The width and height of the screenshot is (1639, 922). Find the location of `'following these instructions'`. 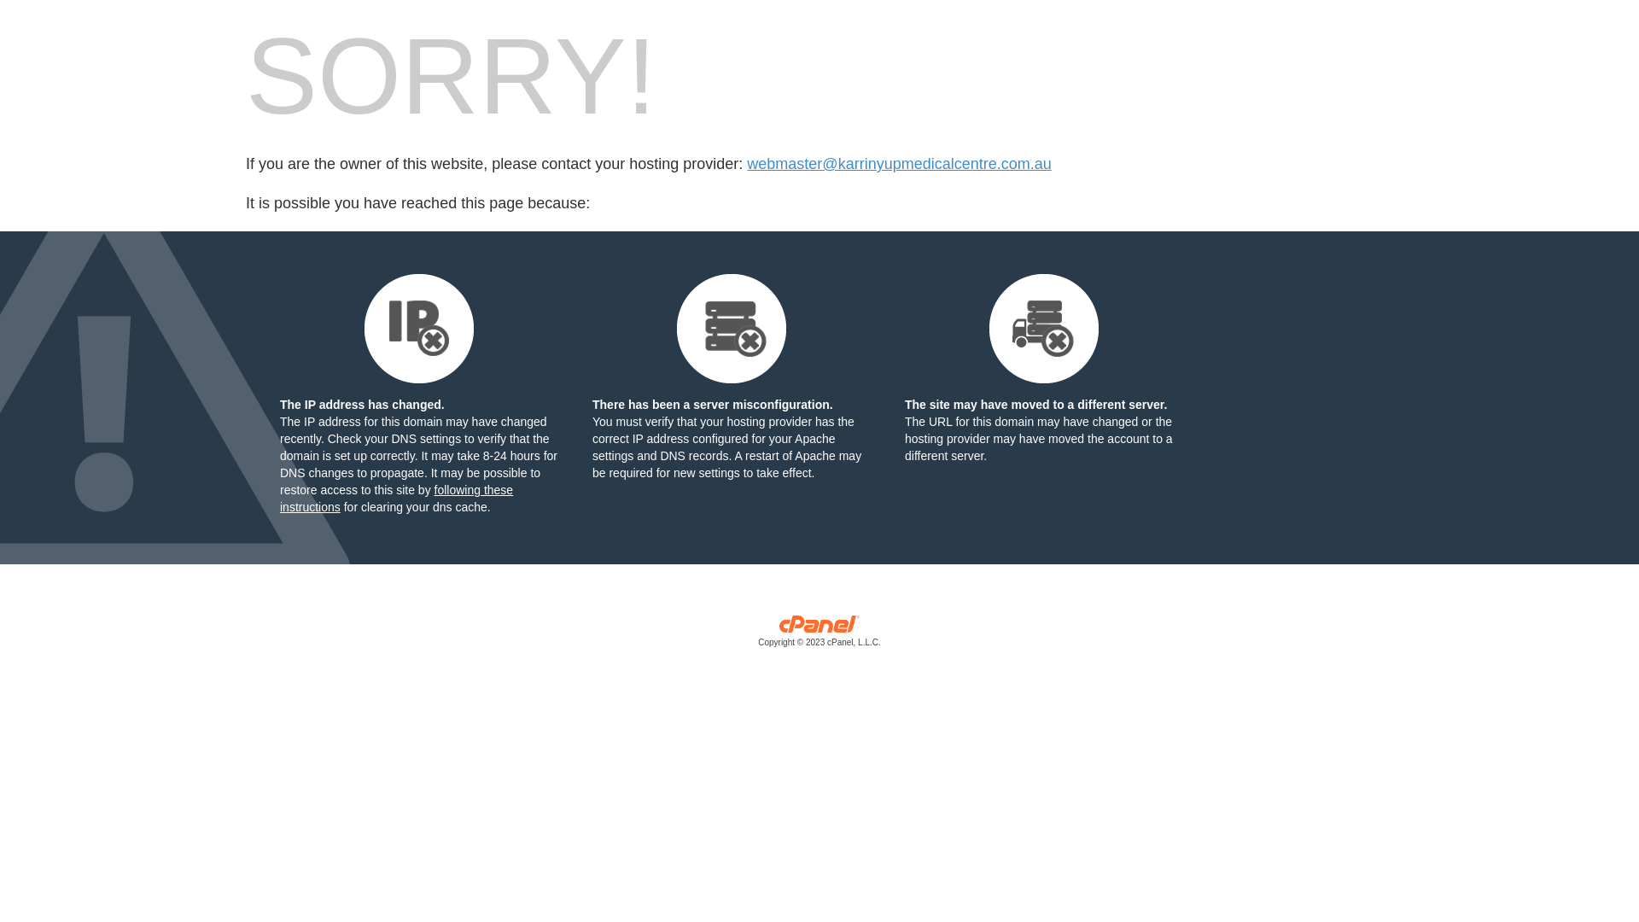

'following these instructions' is located at coordinates (395, 498).